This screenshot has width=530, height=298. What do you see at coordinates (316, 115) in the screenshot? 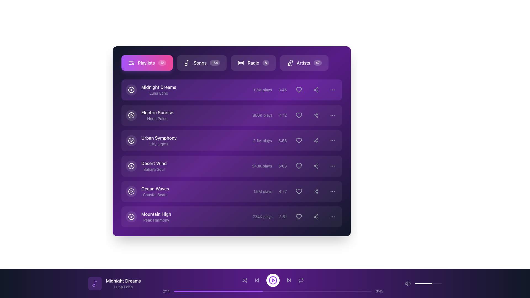
I see `the share icon button, which is represented by a group of three circles connected by two diagonal lines, positioned to the right of the 'Electric Sunrise' track` at bounding box center [316, 115].